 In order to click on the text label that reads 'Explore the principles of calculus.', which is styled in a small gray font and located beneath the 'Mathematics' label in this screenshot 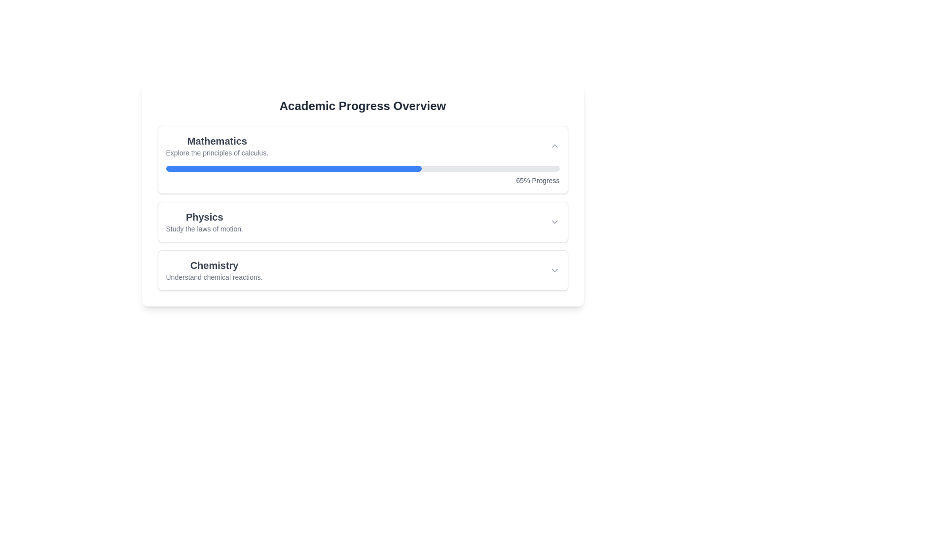, I will do `click(217, 152)`.